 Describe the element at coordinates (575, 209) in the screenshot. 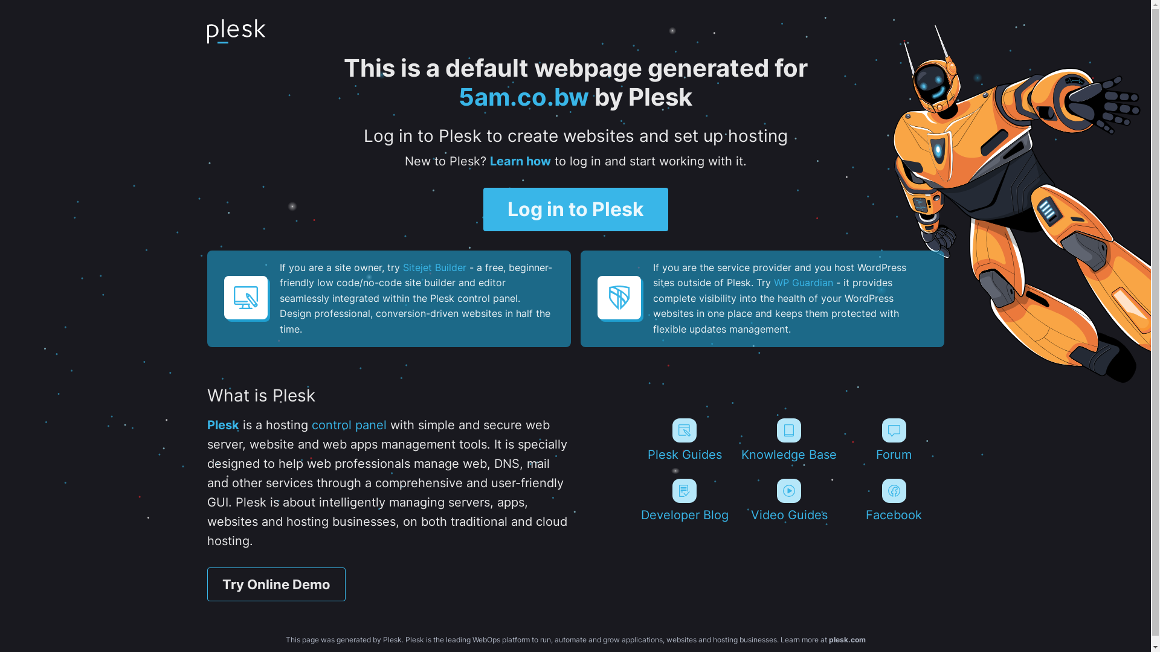

I see `'Log in to Plesk'` at that location.